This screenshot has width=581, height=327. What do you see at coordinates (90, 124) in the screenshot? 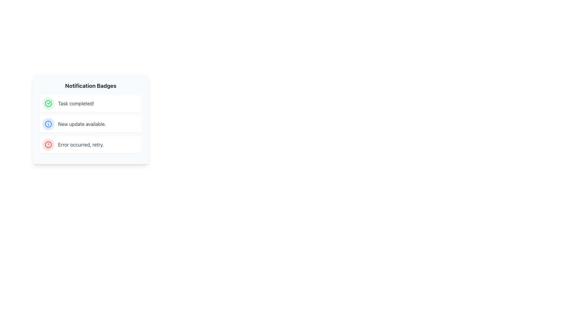
I see `the Notification Badge that indicates the availability of a new update, positioned between 'Task completed!' and 'Error occurred, retry.'` at bounding box center [90, 124].